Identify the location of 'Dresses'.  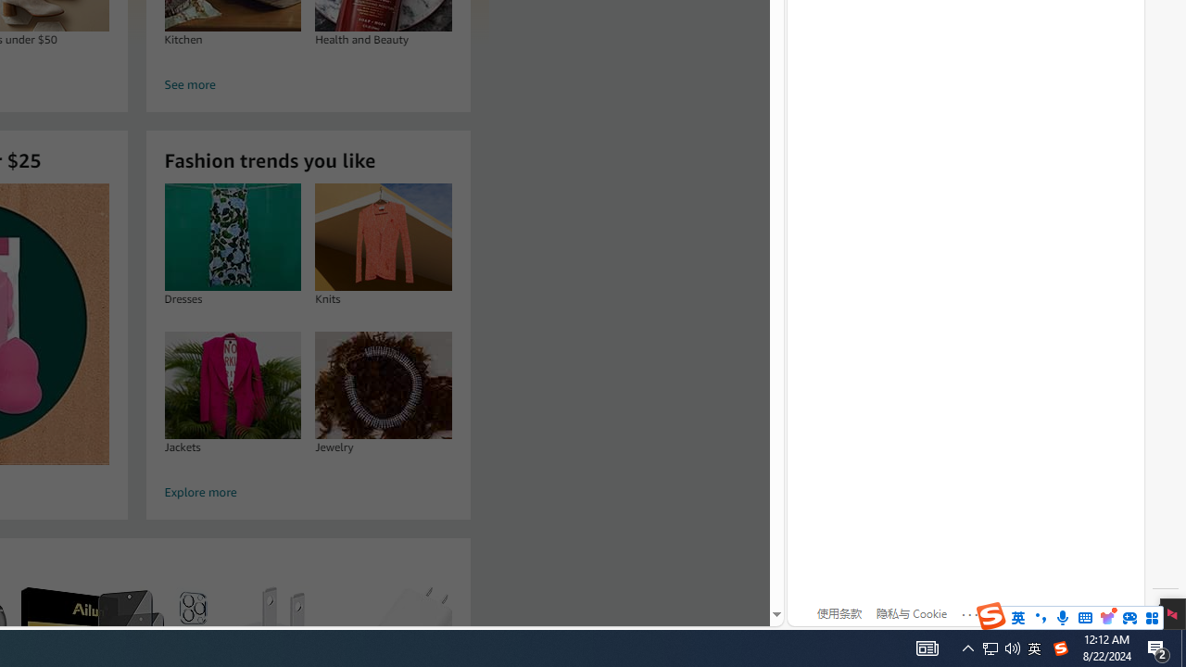
(231, 236).